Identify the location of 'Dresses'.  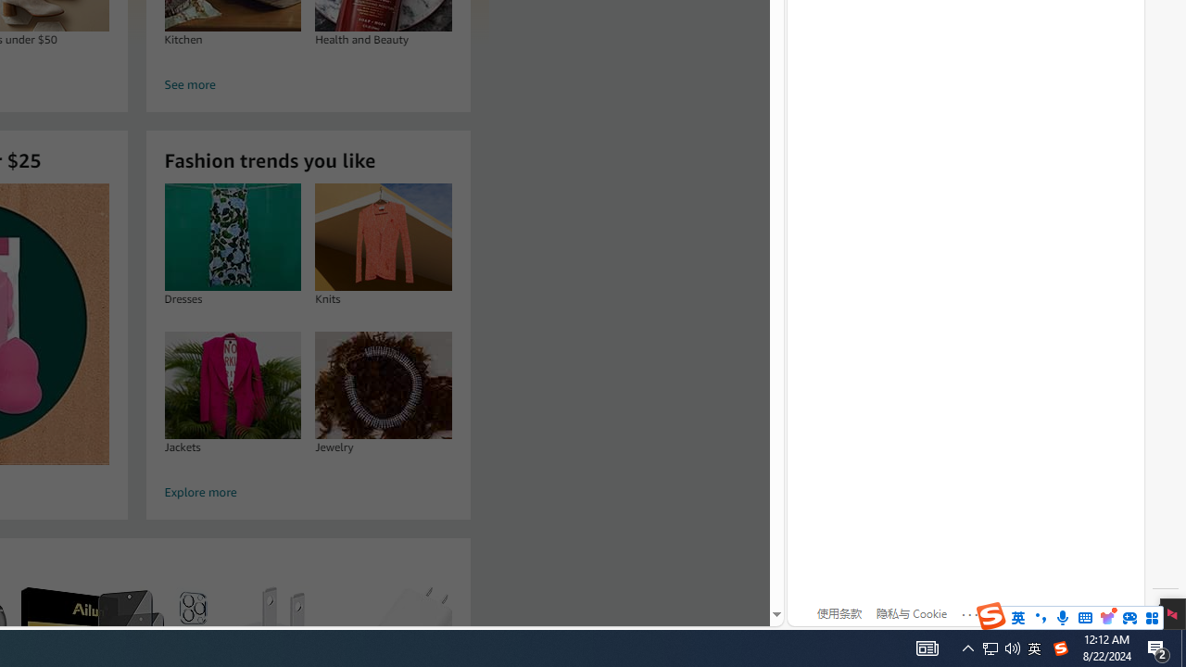
(231, 236).